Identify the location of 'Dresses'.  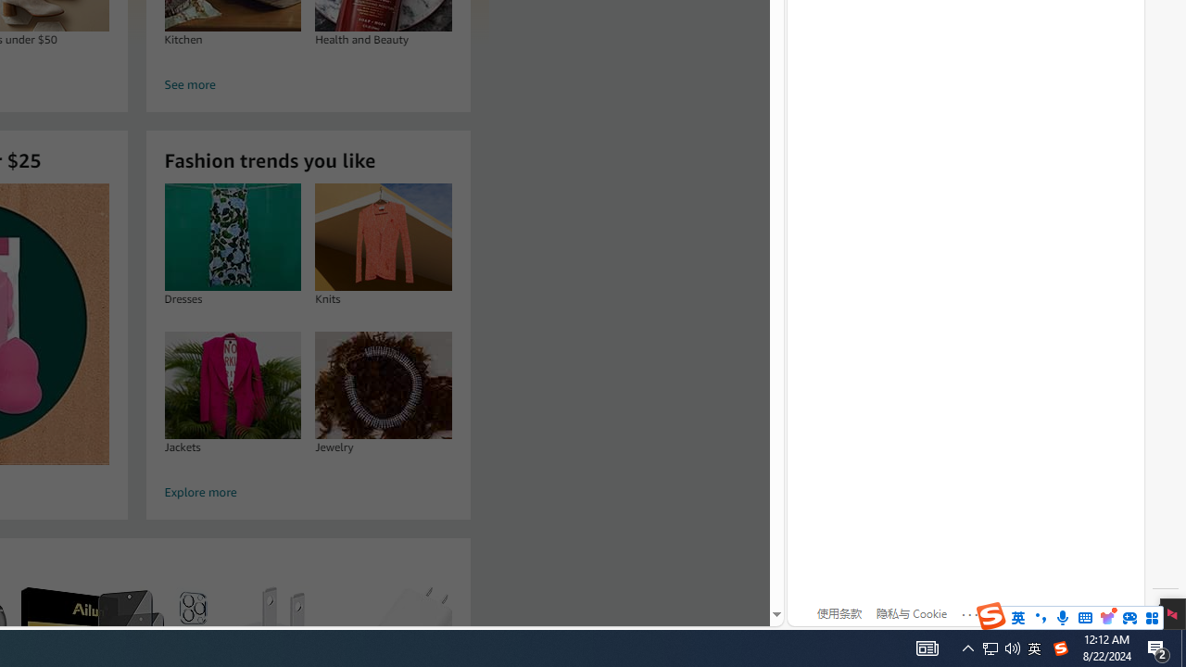
(231, 236).